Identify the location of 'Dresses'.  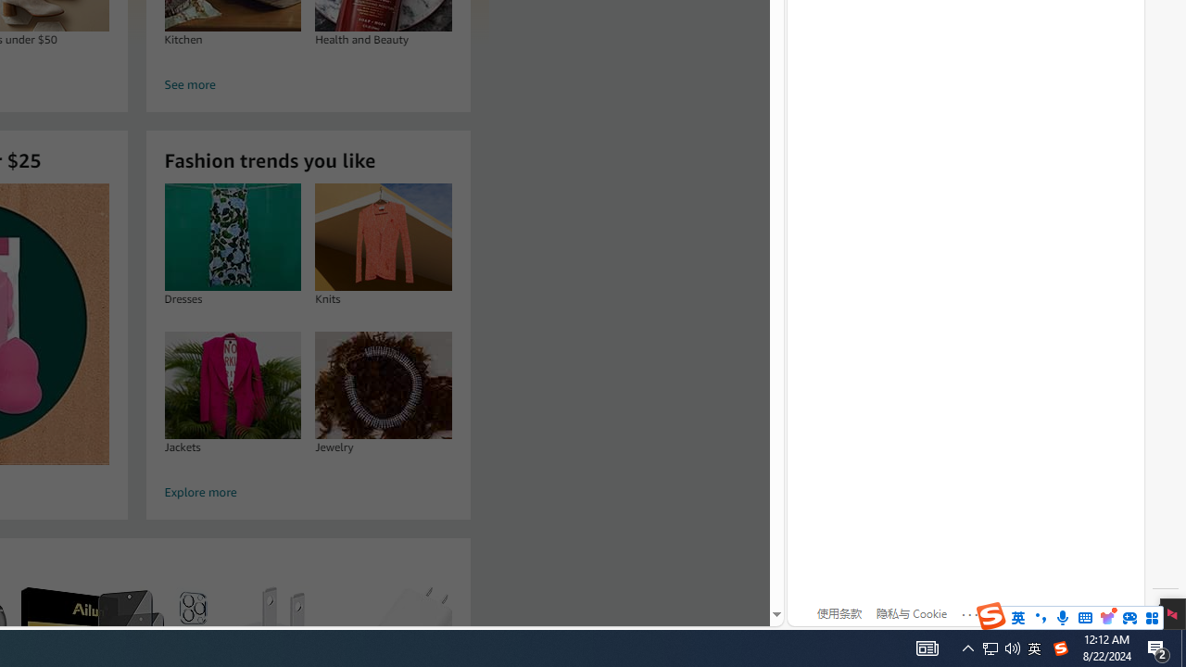
(231, 236).